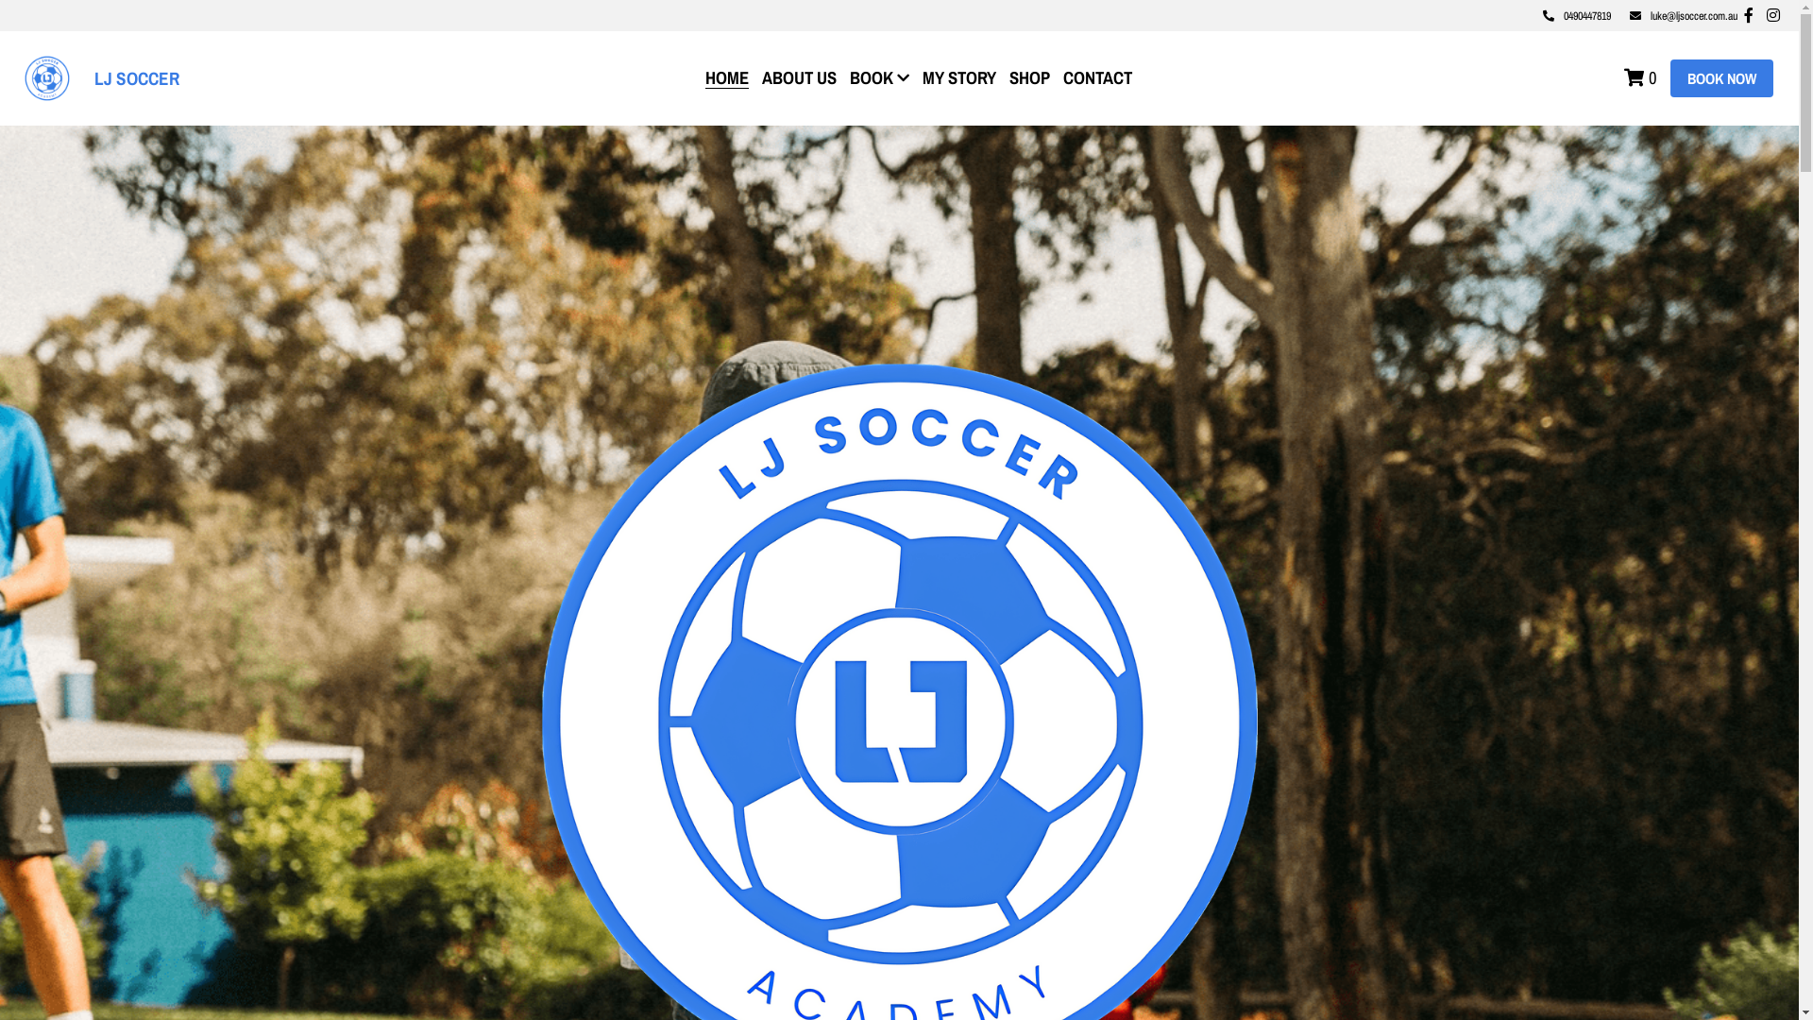 Image resolution: width=1813 pixels, height=1020 pixels. Describe the element at coordinates (1097, 76) in the screenshot. I see `'CONTACT'` at that location.